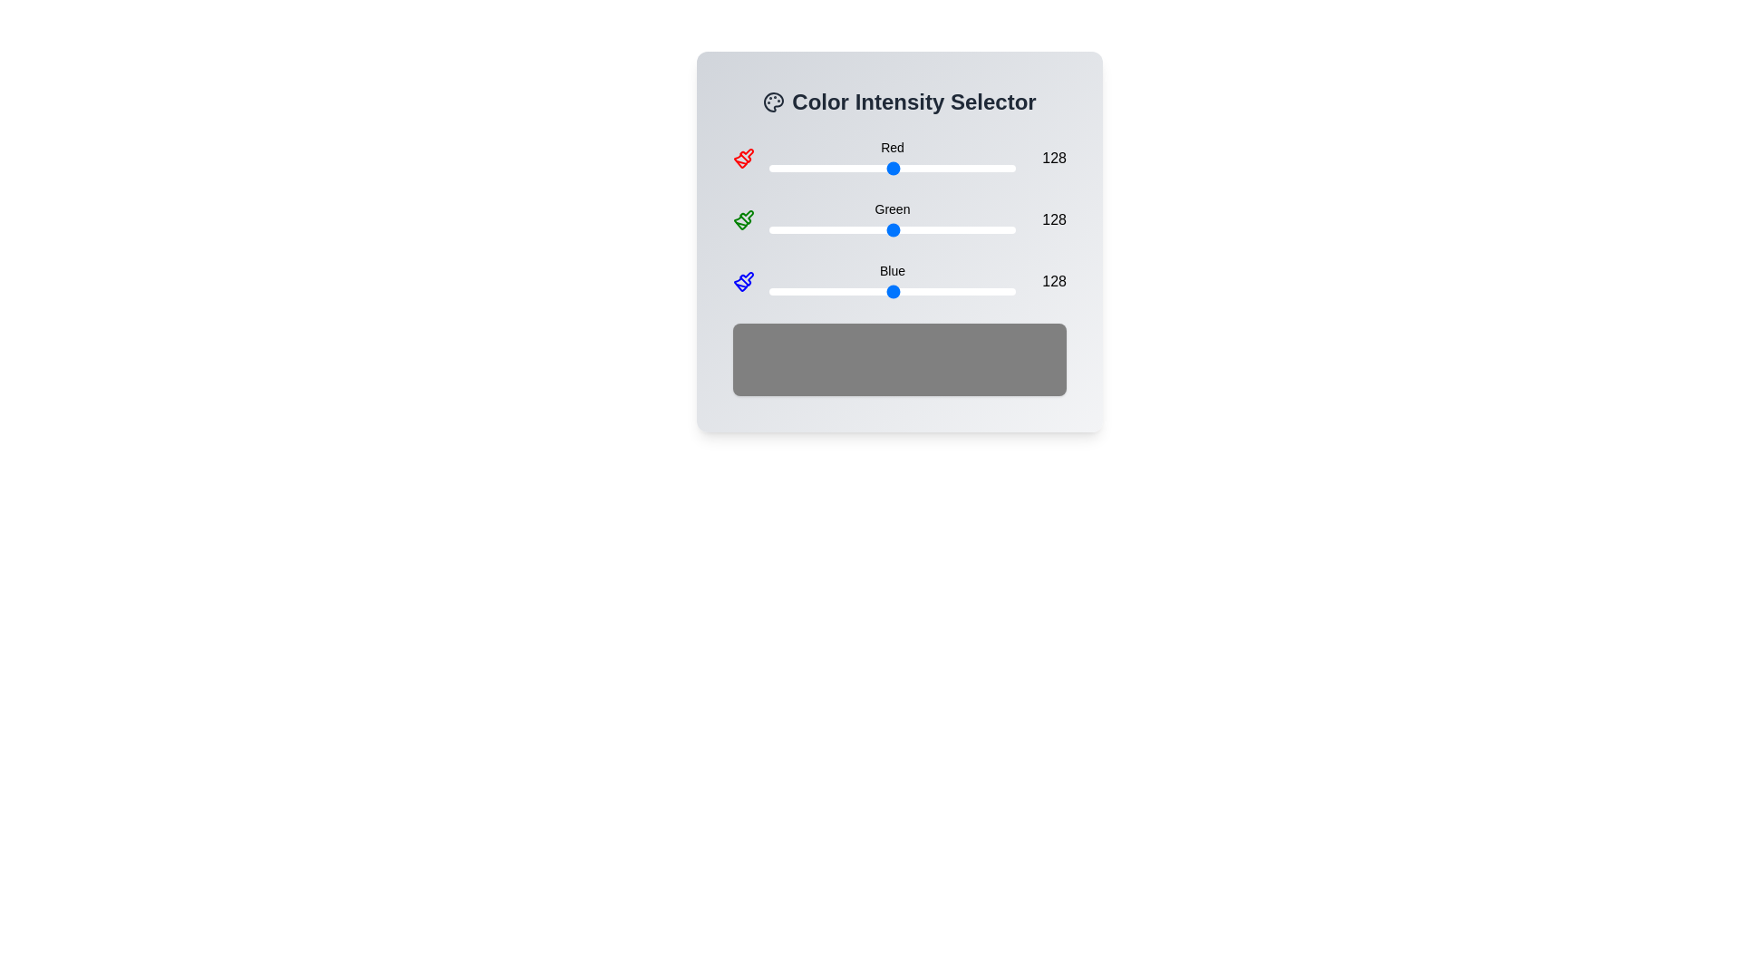  What do you see at coordinates (835, 168) in the screenshot?
I see `the red color intensity` at bounding box center [835, 168].